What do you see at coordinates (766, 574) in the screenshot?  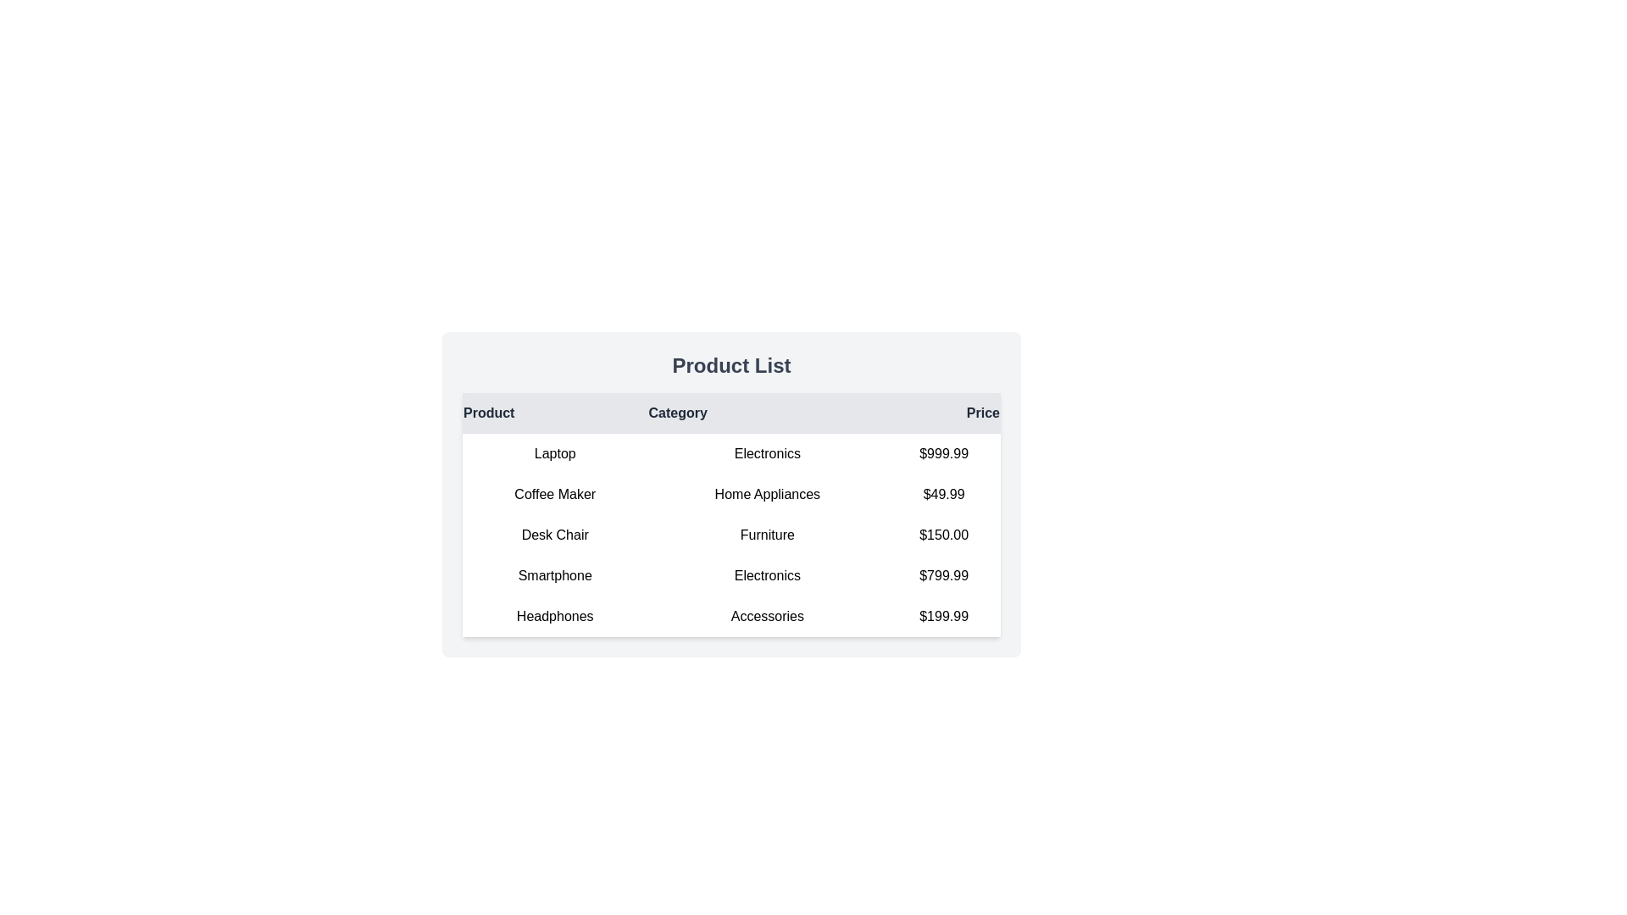 I see `the static Text Label displaying the category 'Smartphone' located in the 'Category' column of the product table` at bounding box center [766, 574].